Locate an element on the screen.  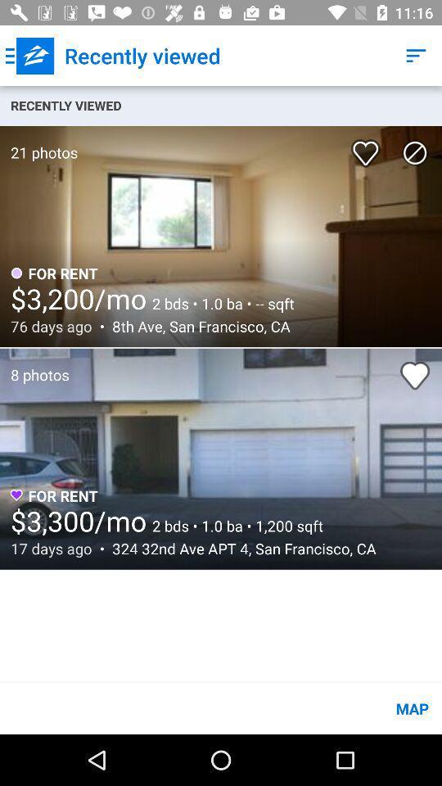
icon to the right of 17 days ago item is located at coordinates (239, 549).